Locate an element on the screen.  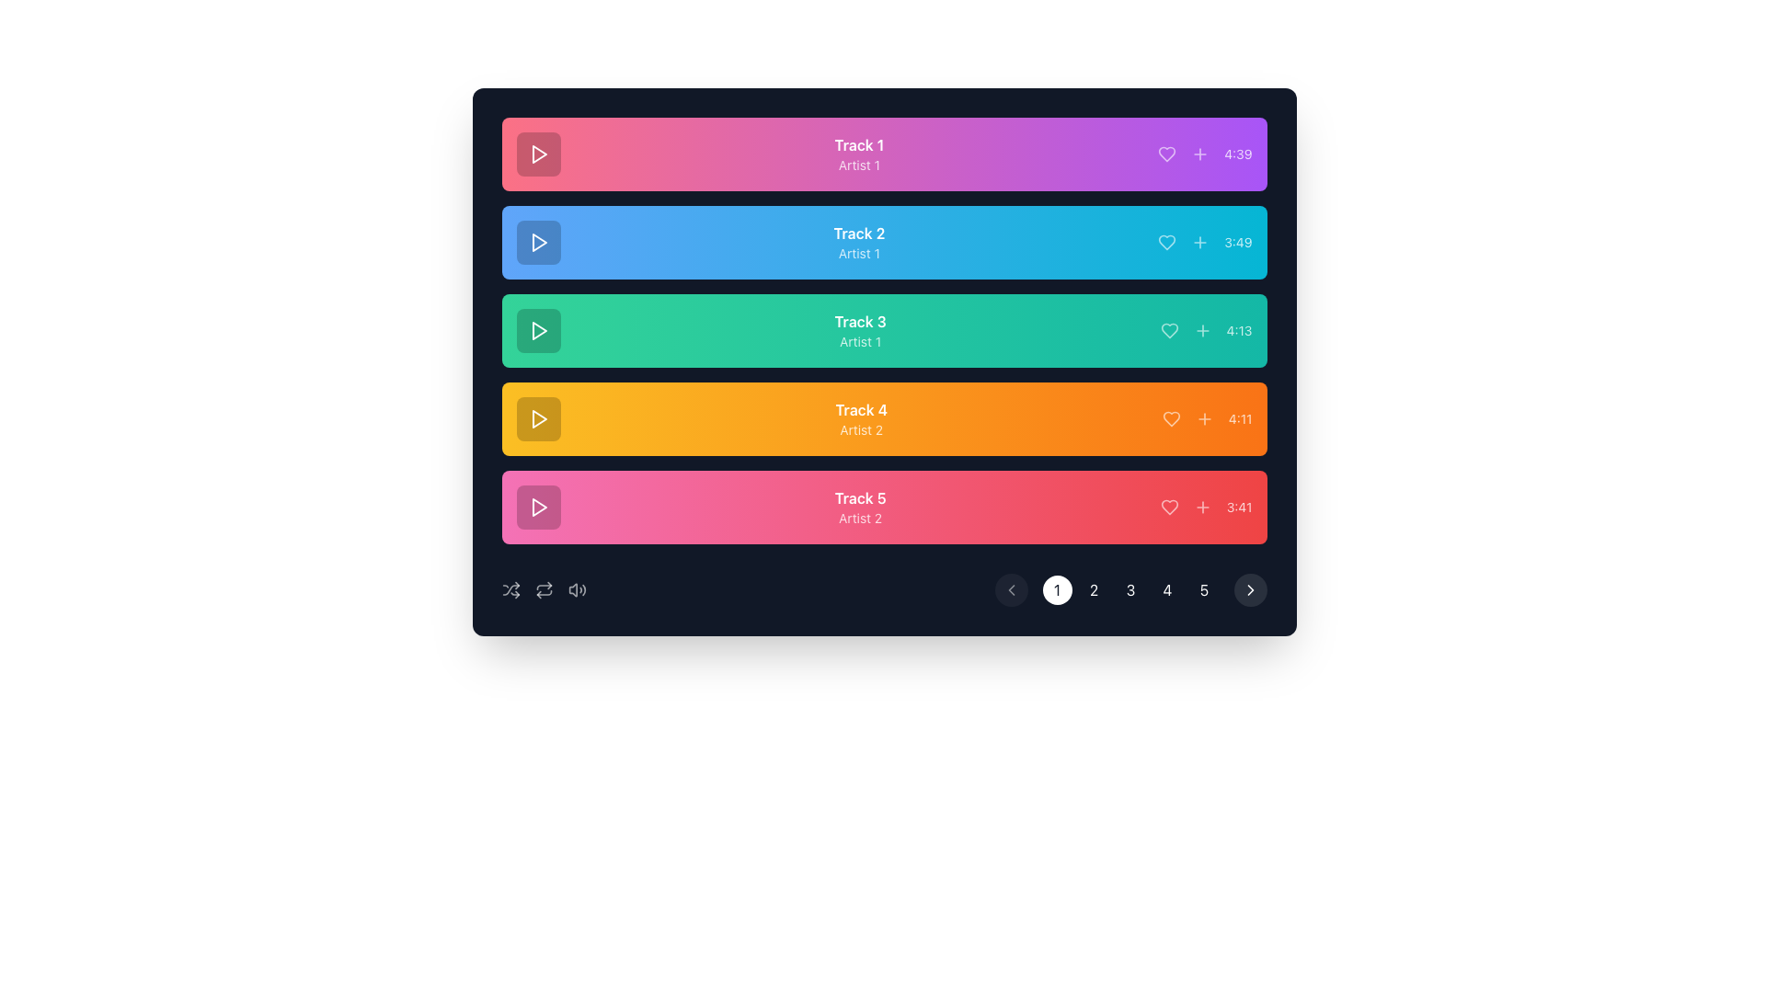
the heart icon button styled with a white outline, located to the left of the '+' symbol and the time label '4:39', associated with 'Track 1' in a purple background section is located at coordinates (1166, 154).